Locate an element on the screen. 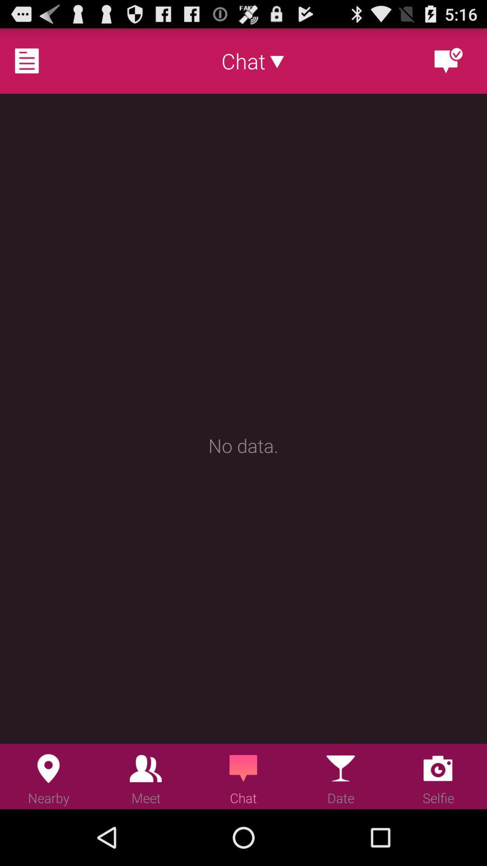  the expand_more icon is located at coordinates (276, 64).